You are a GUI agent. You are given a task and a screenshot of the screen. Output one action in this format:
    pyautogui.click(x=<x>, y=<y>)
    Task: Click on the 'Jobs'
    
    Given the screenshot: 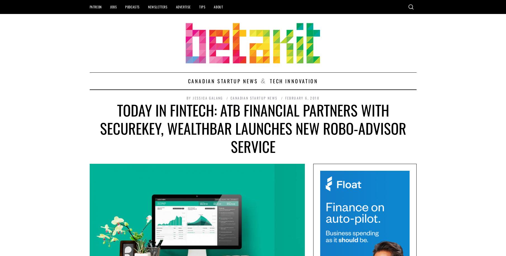 What is the action you would take?
    pyautogui.click(x=109, y=7)
    